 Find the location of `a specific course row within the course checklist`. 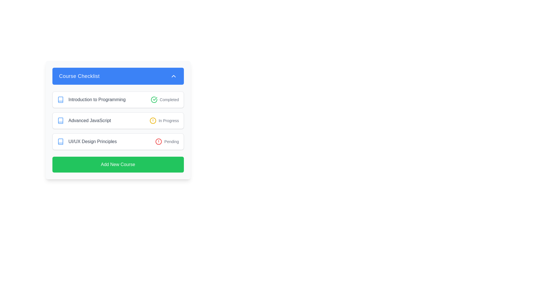

a specific course row within the course checklist is located at coordinates (118, 120).